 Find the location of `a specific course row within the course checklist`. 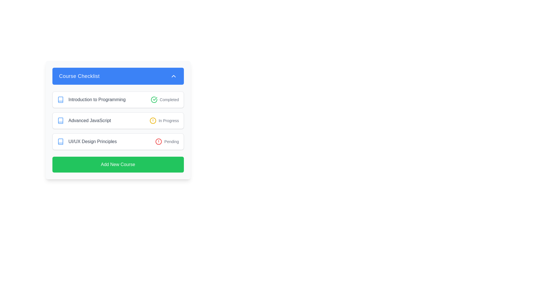

a specific course row within the course checklist is located at coordinates (118, 120).